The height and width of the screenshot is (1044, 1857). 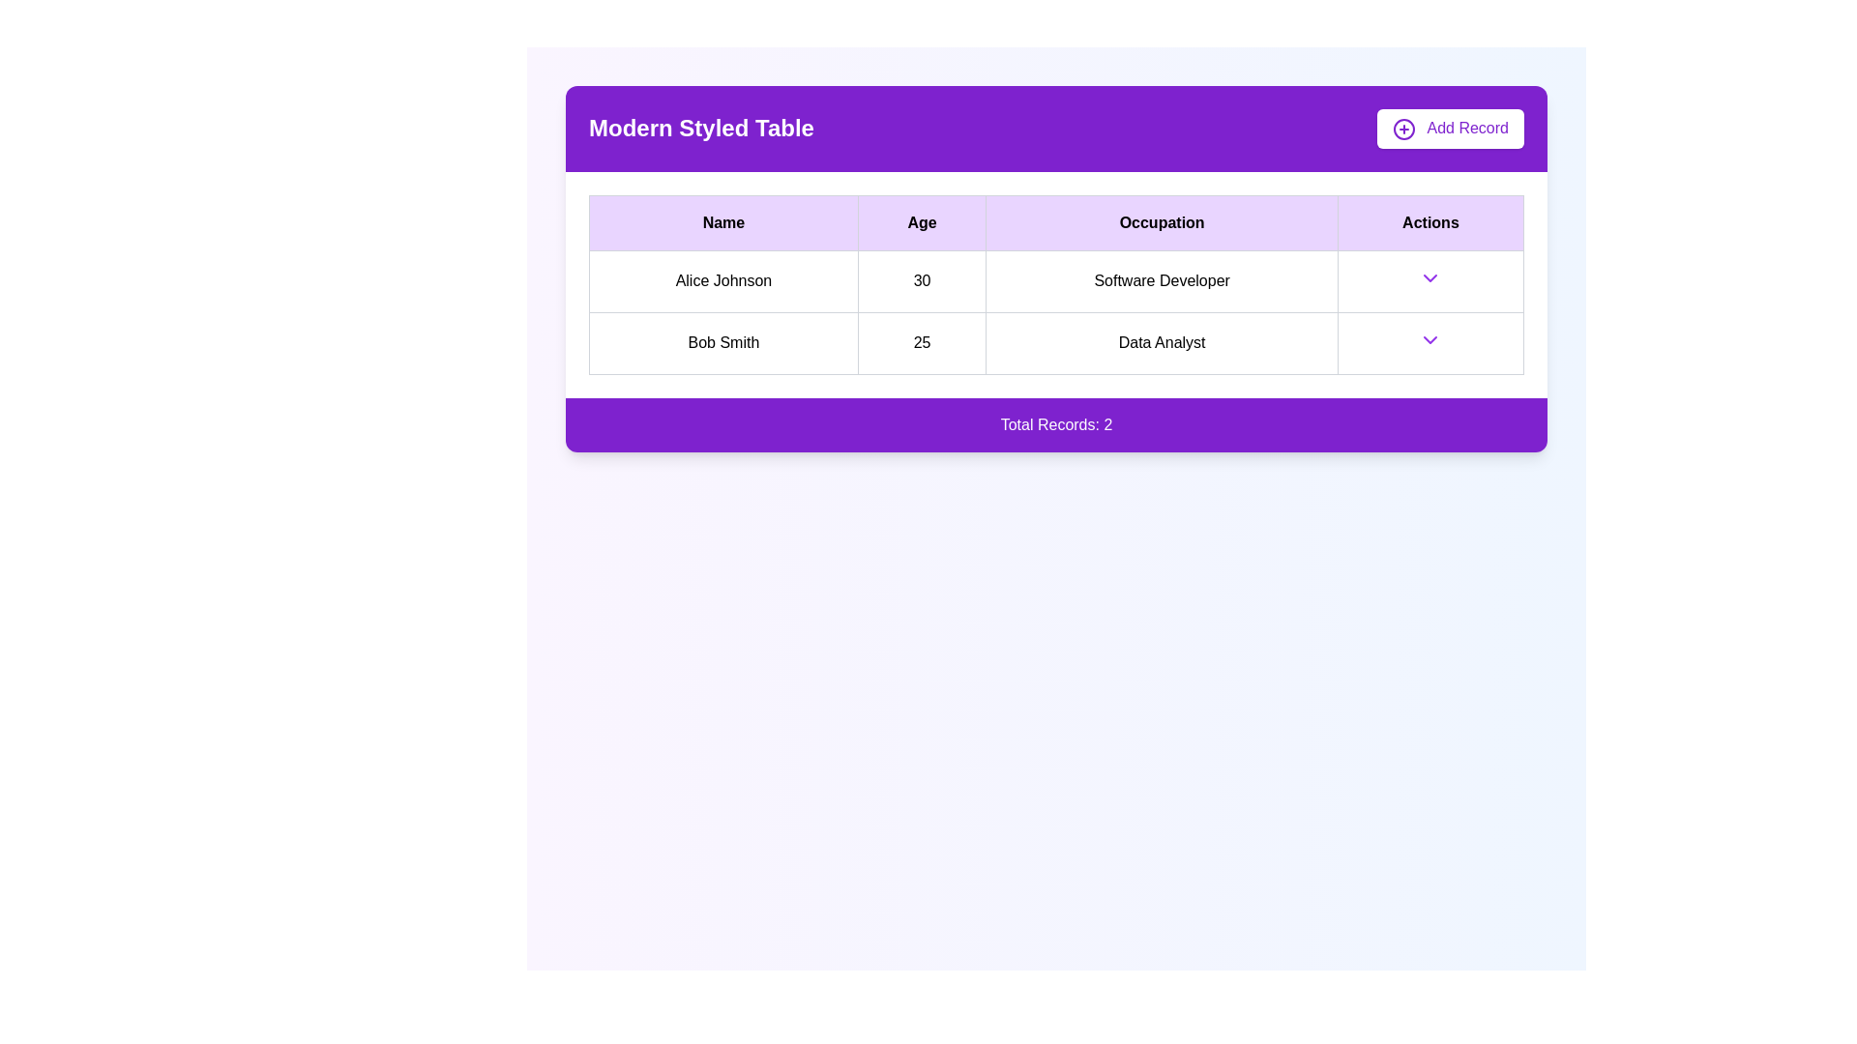 What do you see at coordinates (921, 342) in the screenshot?
I see `the static text display showing the number '25' in the second row and second column of the table, located under the 'Age' column and associated with 'Bob Smith'` at bounding box center [921, 342].